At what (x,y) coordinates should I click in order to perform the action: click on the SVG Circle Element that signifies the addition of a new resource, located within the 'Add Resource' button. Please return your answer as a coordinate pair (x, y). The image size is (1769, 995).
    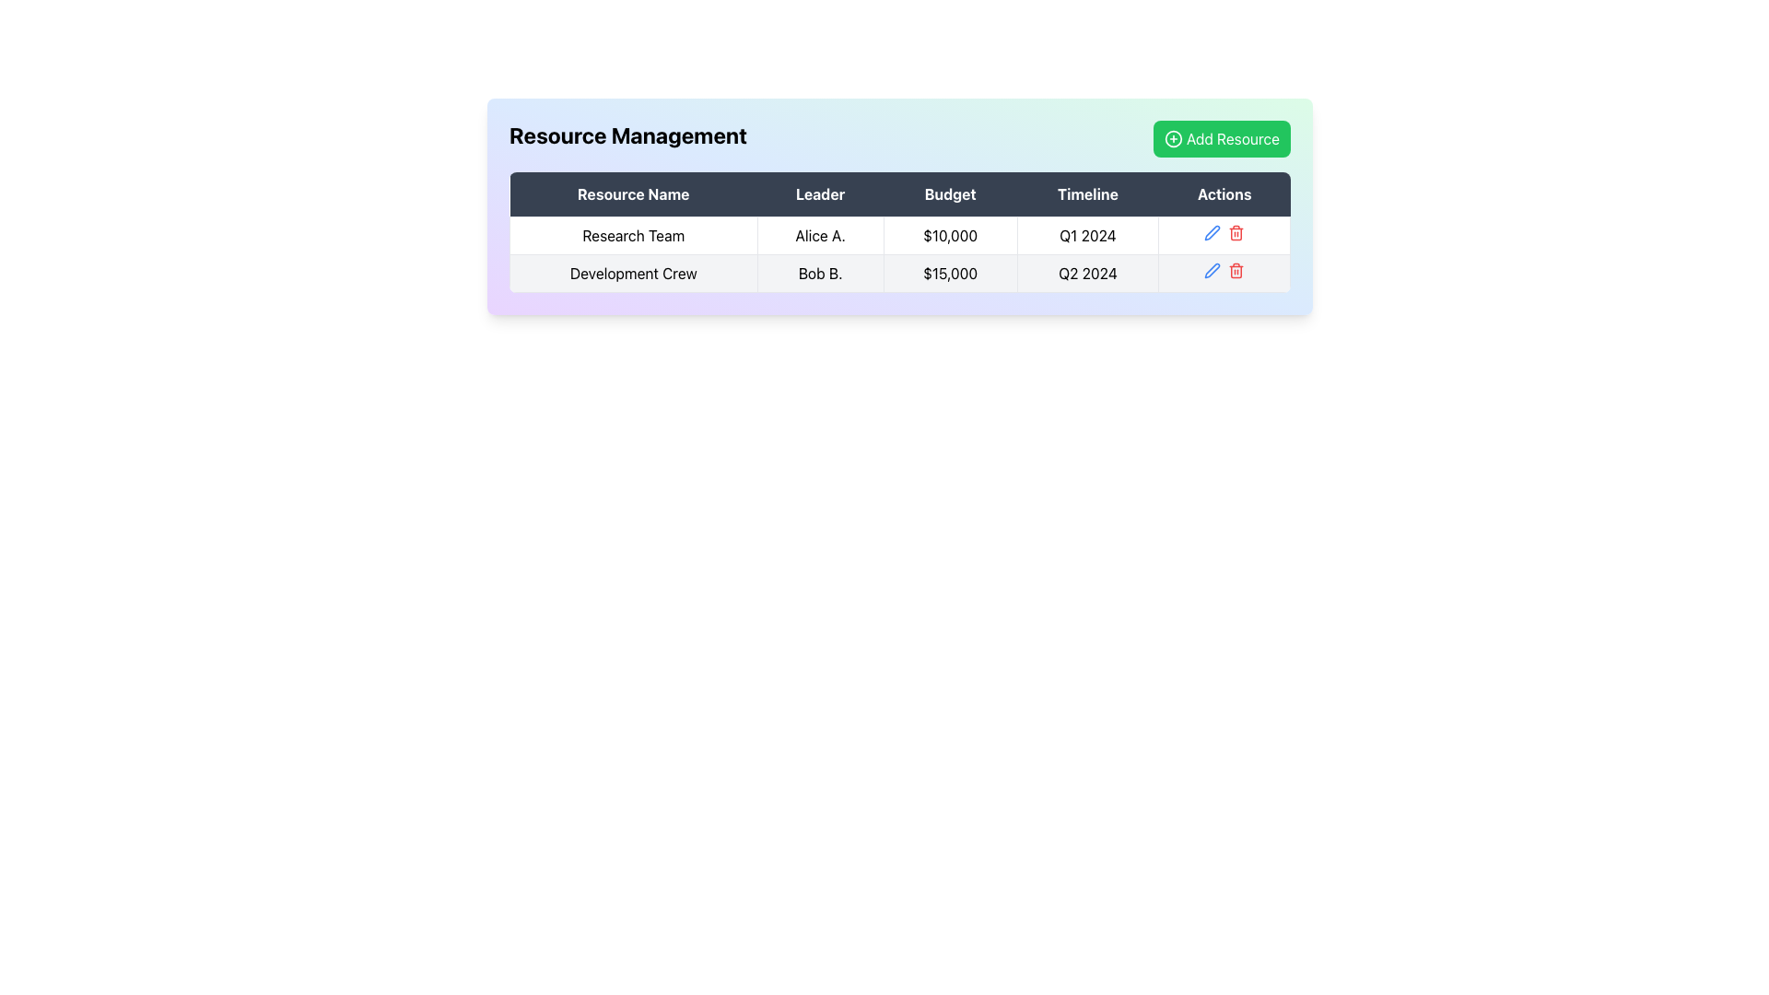
    Looking at the image, I should click on (1172, 137).